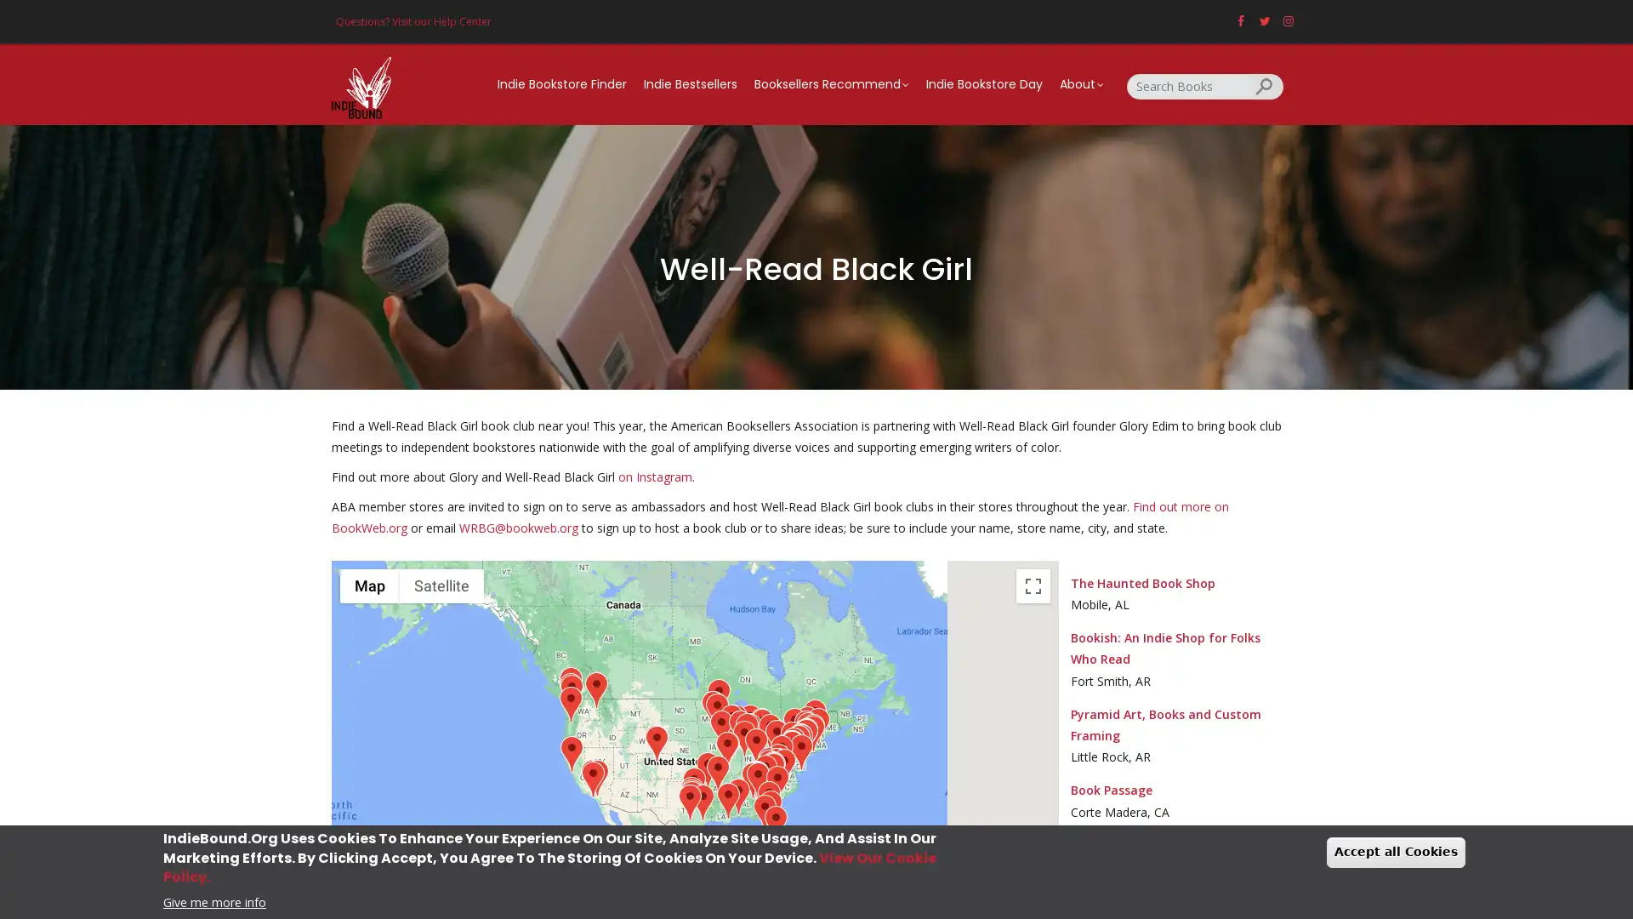 This screenshot has height=919, width=1633. Describe the element at coordinates (748, 722) in the screenshot. I see `We Are LIT Grand Rapids` at that location.